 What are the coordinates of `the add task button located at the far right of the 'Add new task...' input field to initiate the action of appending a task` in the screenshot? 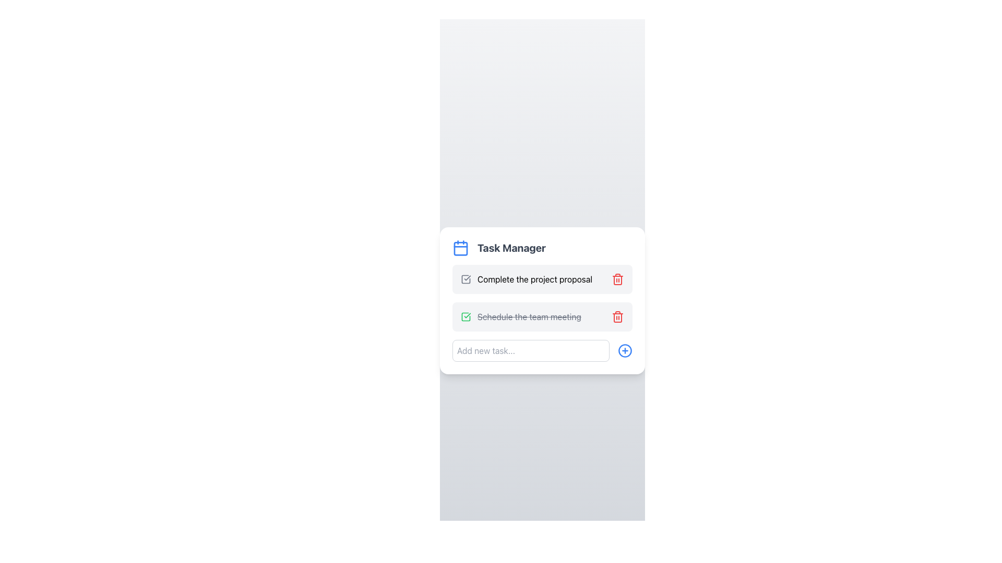 It's located at (625, 350).